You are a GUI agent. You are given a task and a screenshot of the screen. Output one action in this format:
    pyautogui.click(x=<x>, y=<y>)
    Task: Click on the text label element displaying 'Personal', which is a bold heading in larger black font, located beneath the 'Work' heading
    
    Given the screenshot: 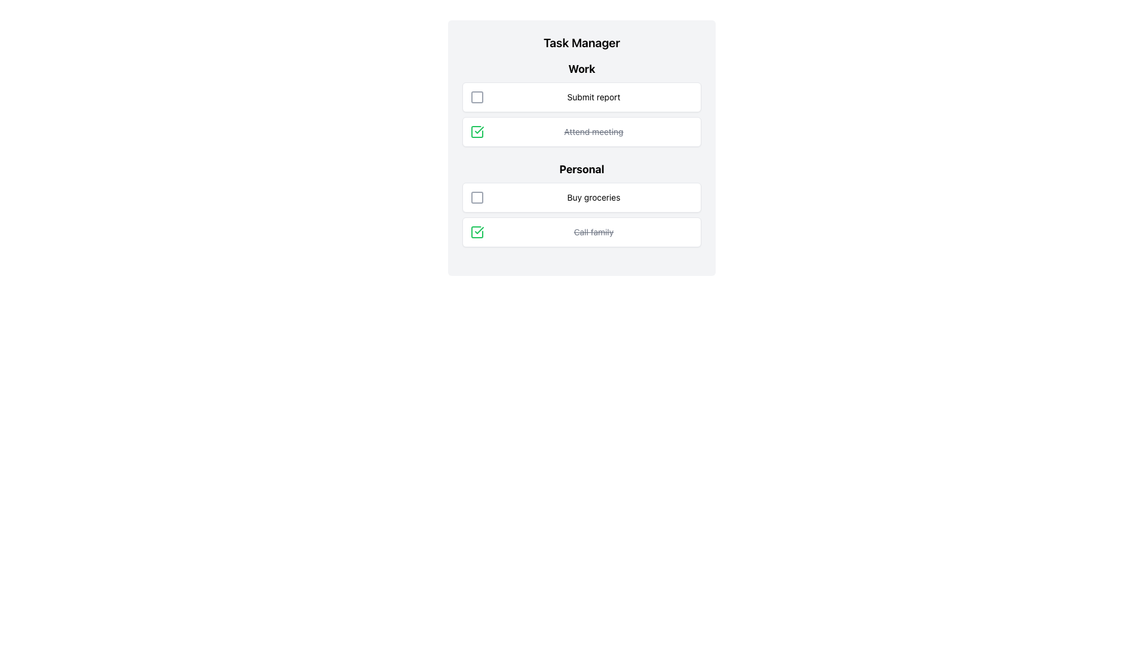 What is the action you would take?
    pyautogui.click(x=582, y=170)
    